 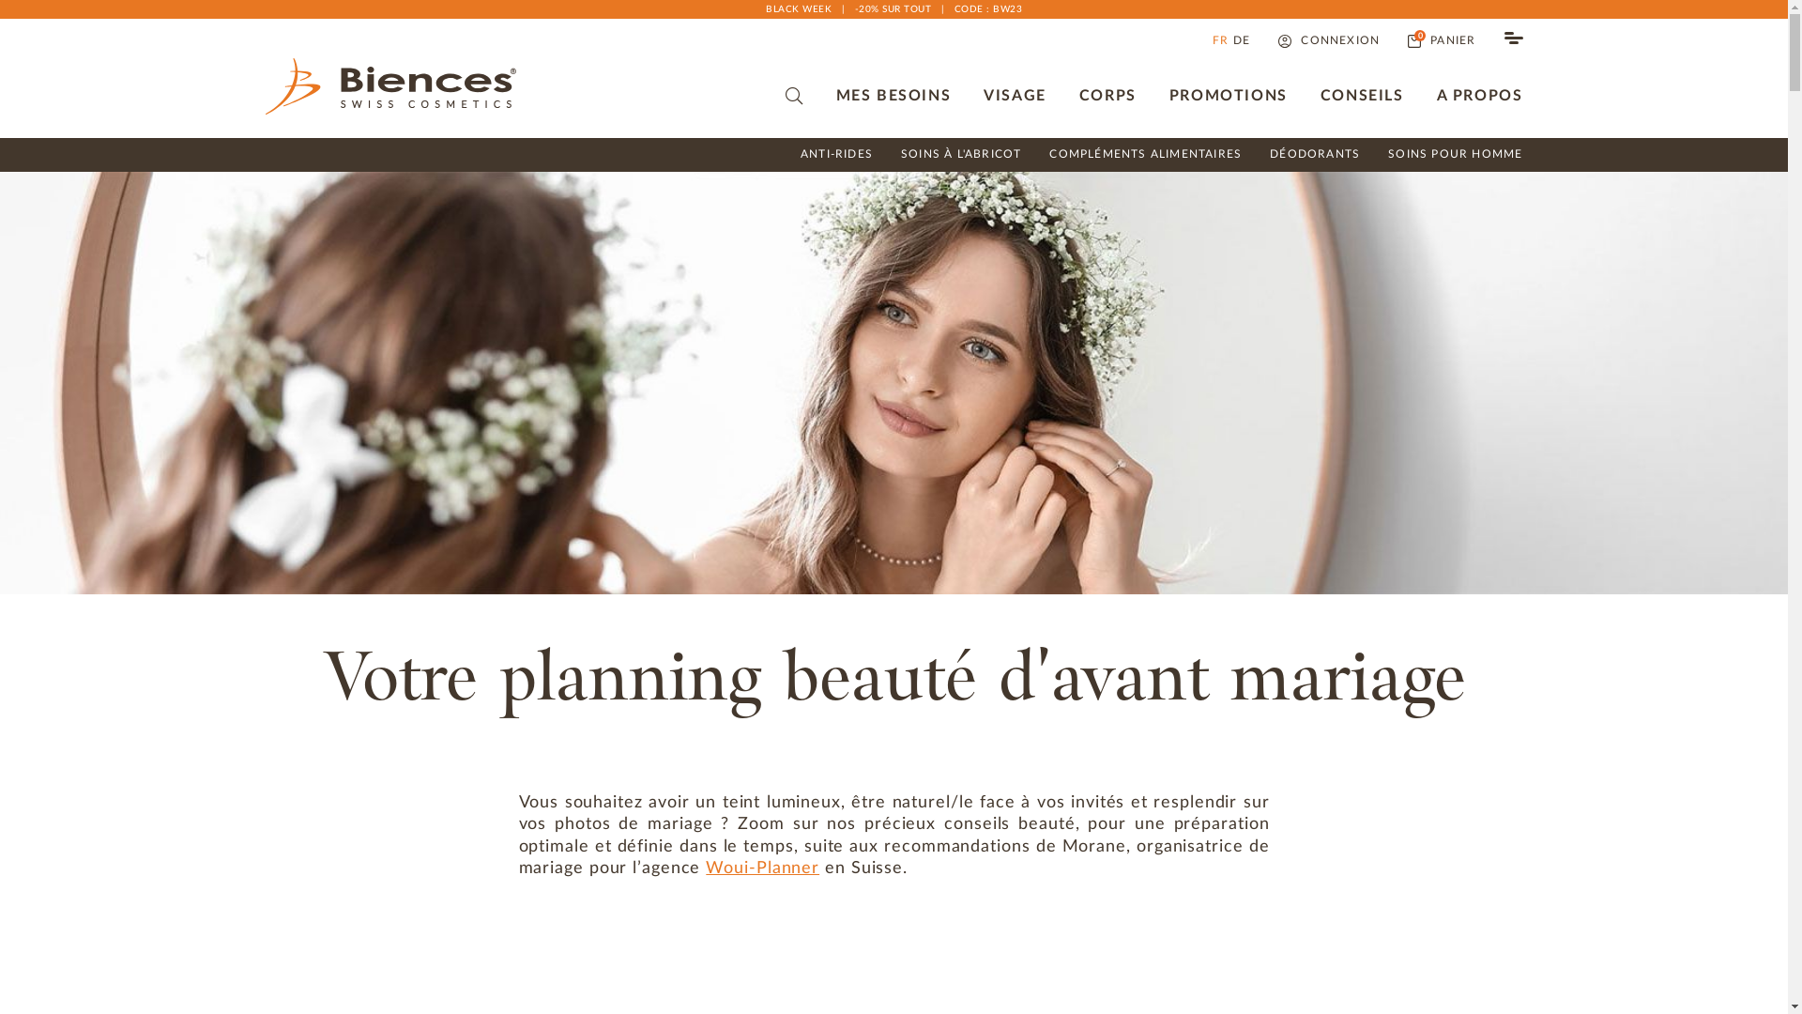 What do you see at coordinates (801, 154) in the screenshot?
I see `'ANTI-RIDES'` at bounding box center [801, 154].